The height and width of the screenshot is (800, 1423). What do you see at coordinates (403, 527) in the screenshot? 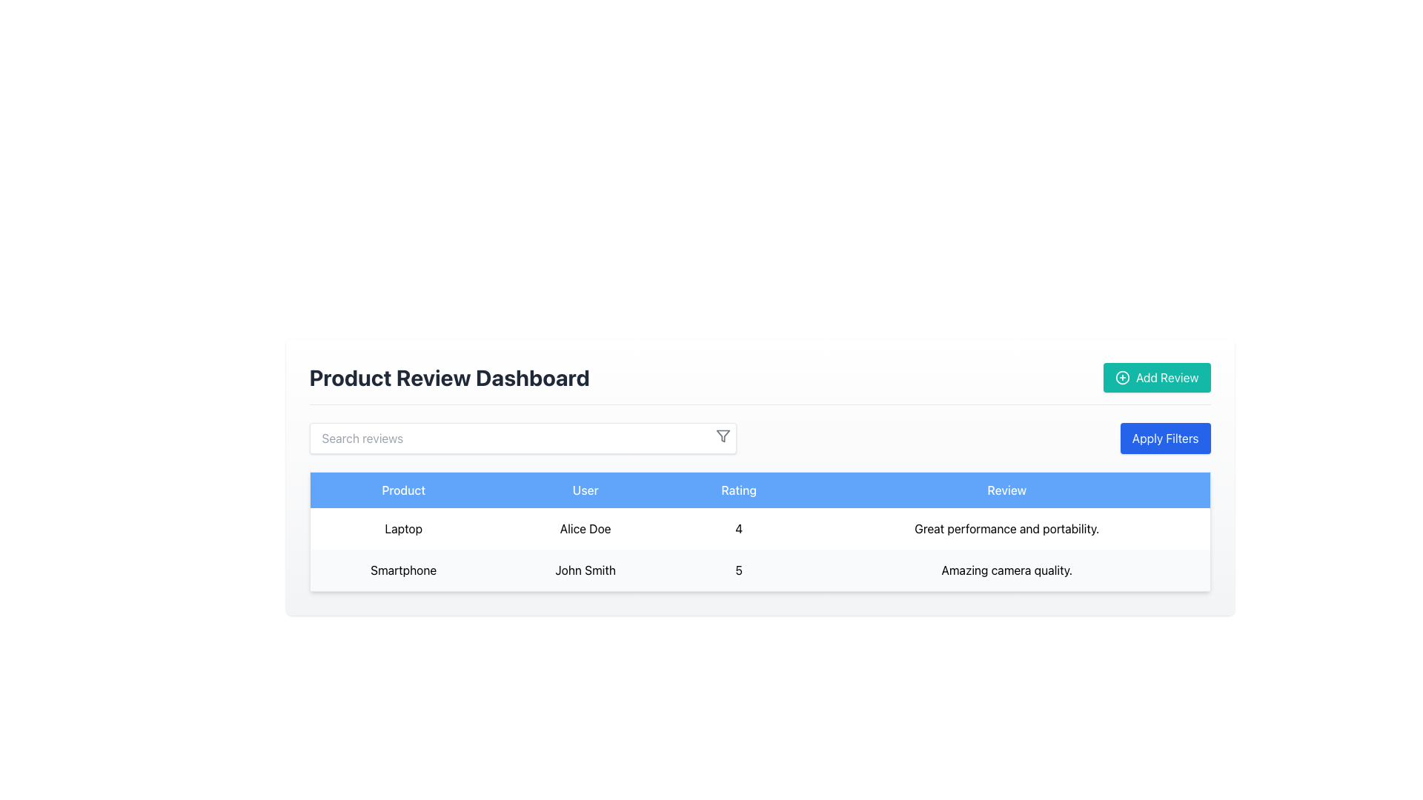
I see `the text label that reads 'Laptop' located in the first row of the table under the 'Product' column header` at bounding box center [403, 527].